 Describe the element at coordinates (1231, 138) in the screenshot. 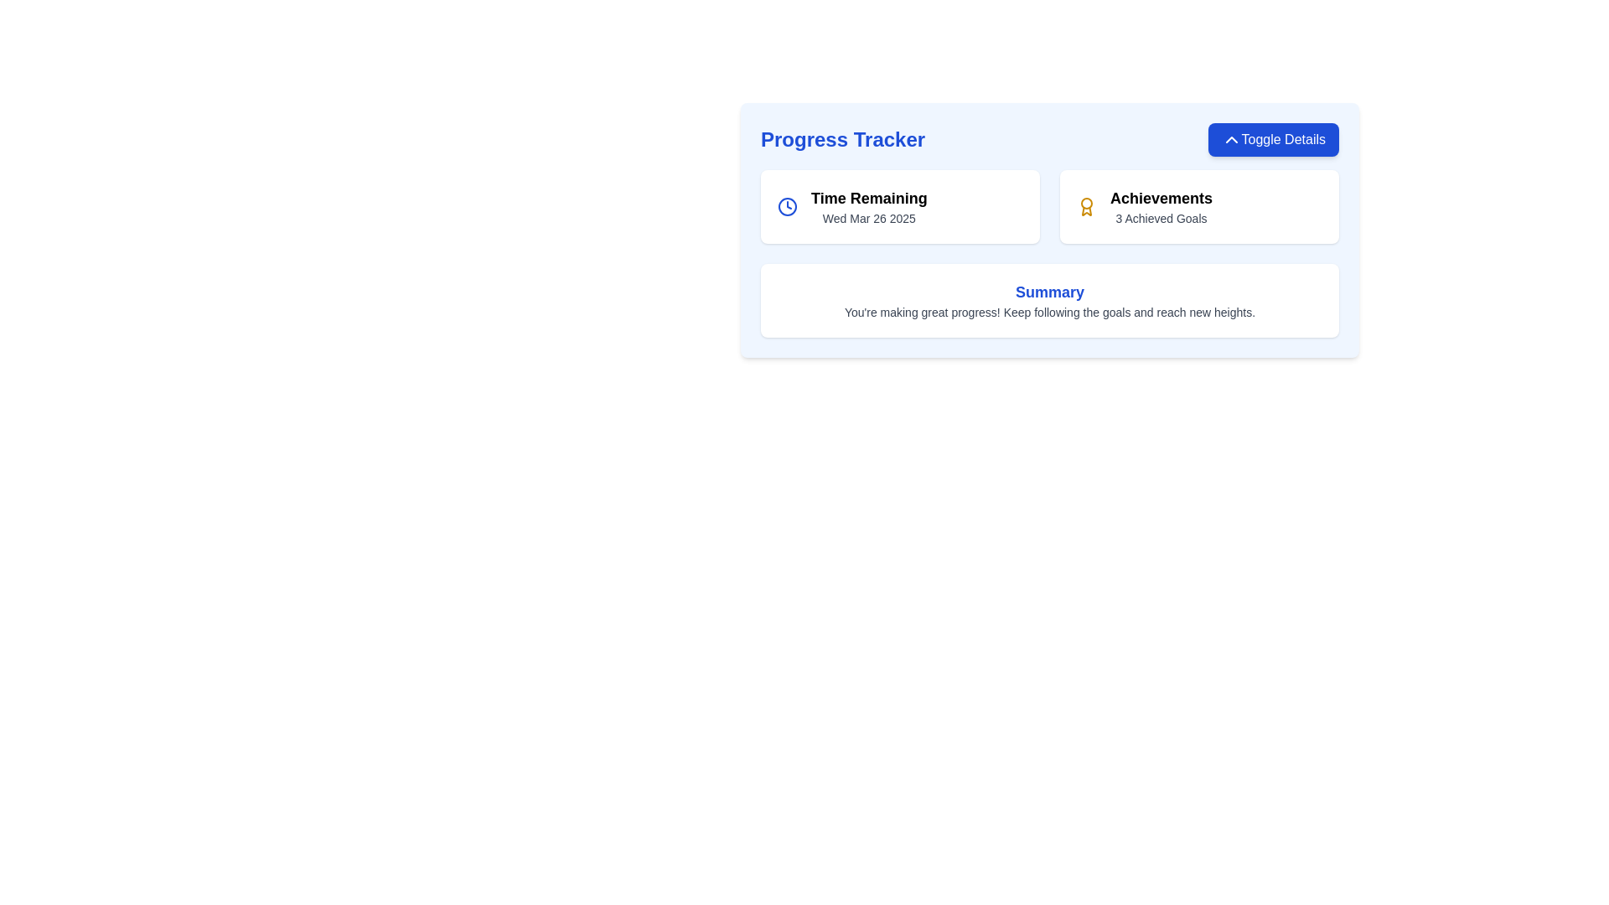

I see `the small upward-pointing chevron icon, which is outlined with a white stroke on a blue background, located inside the 'Toggle Details' button in the top-right corner of the 'Progress Tracker' card` at that location.